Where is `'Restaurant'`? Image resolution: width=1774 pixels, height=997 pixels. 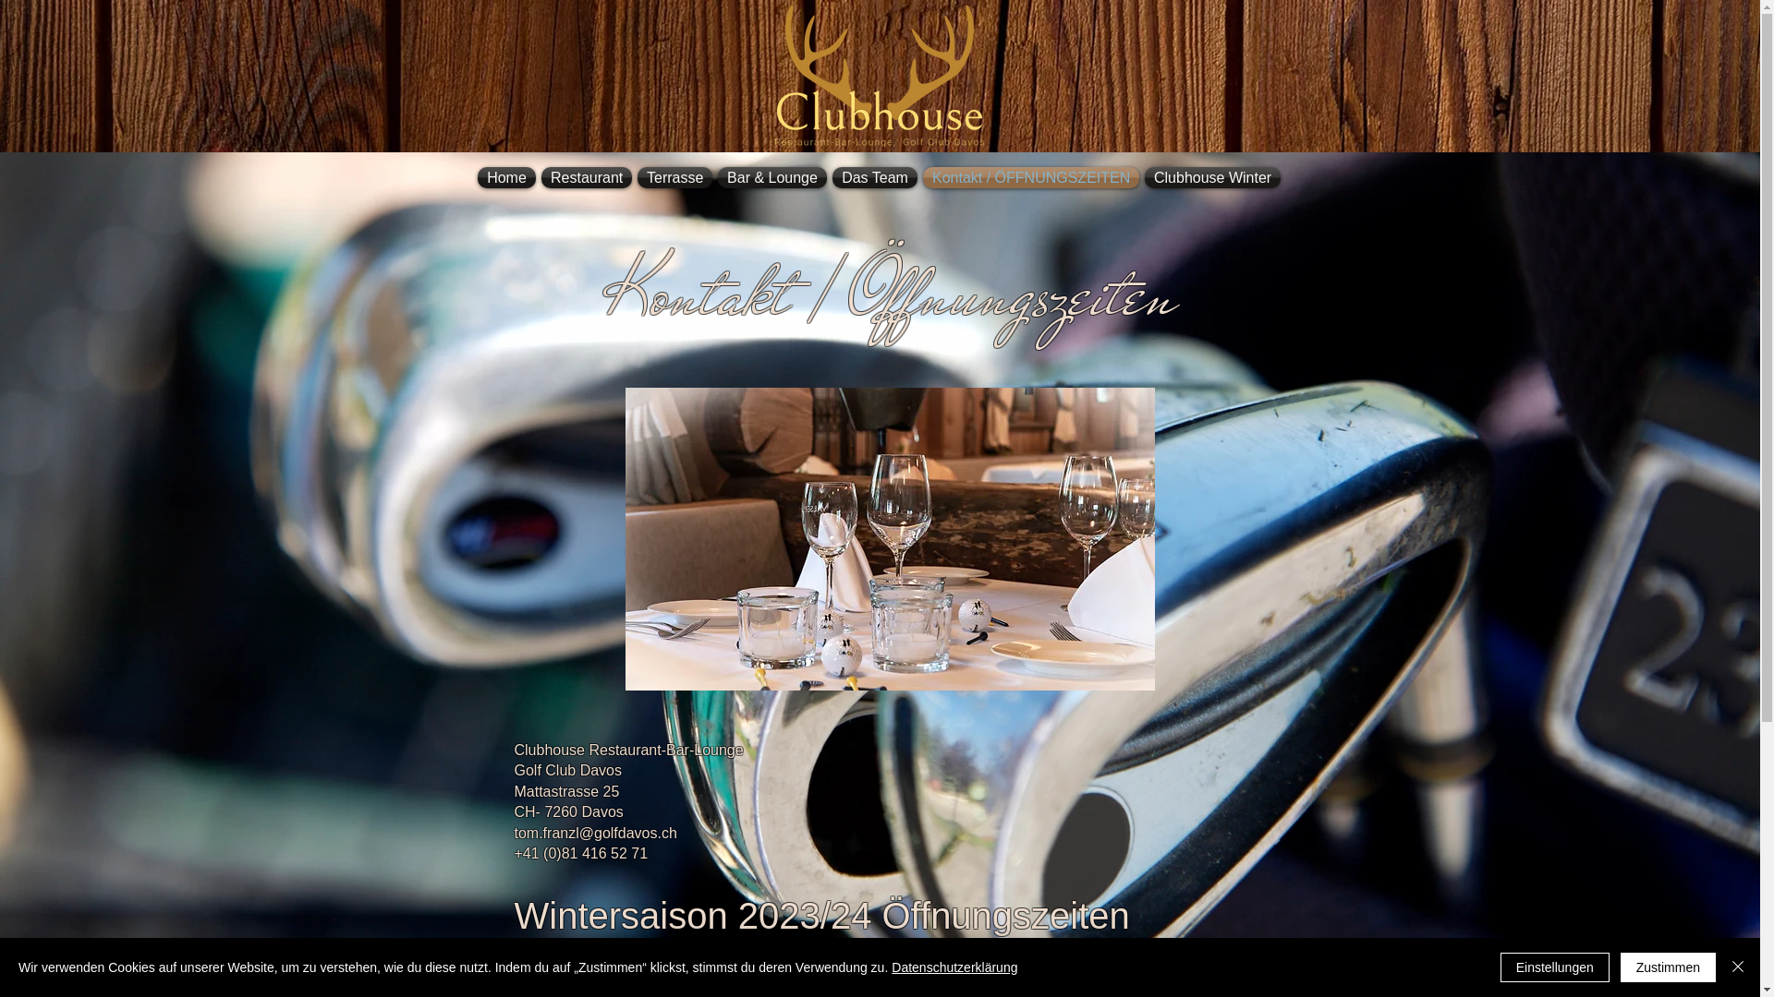 'Restaurant' is located at coordinates (585, 177).